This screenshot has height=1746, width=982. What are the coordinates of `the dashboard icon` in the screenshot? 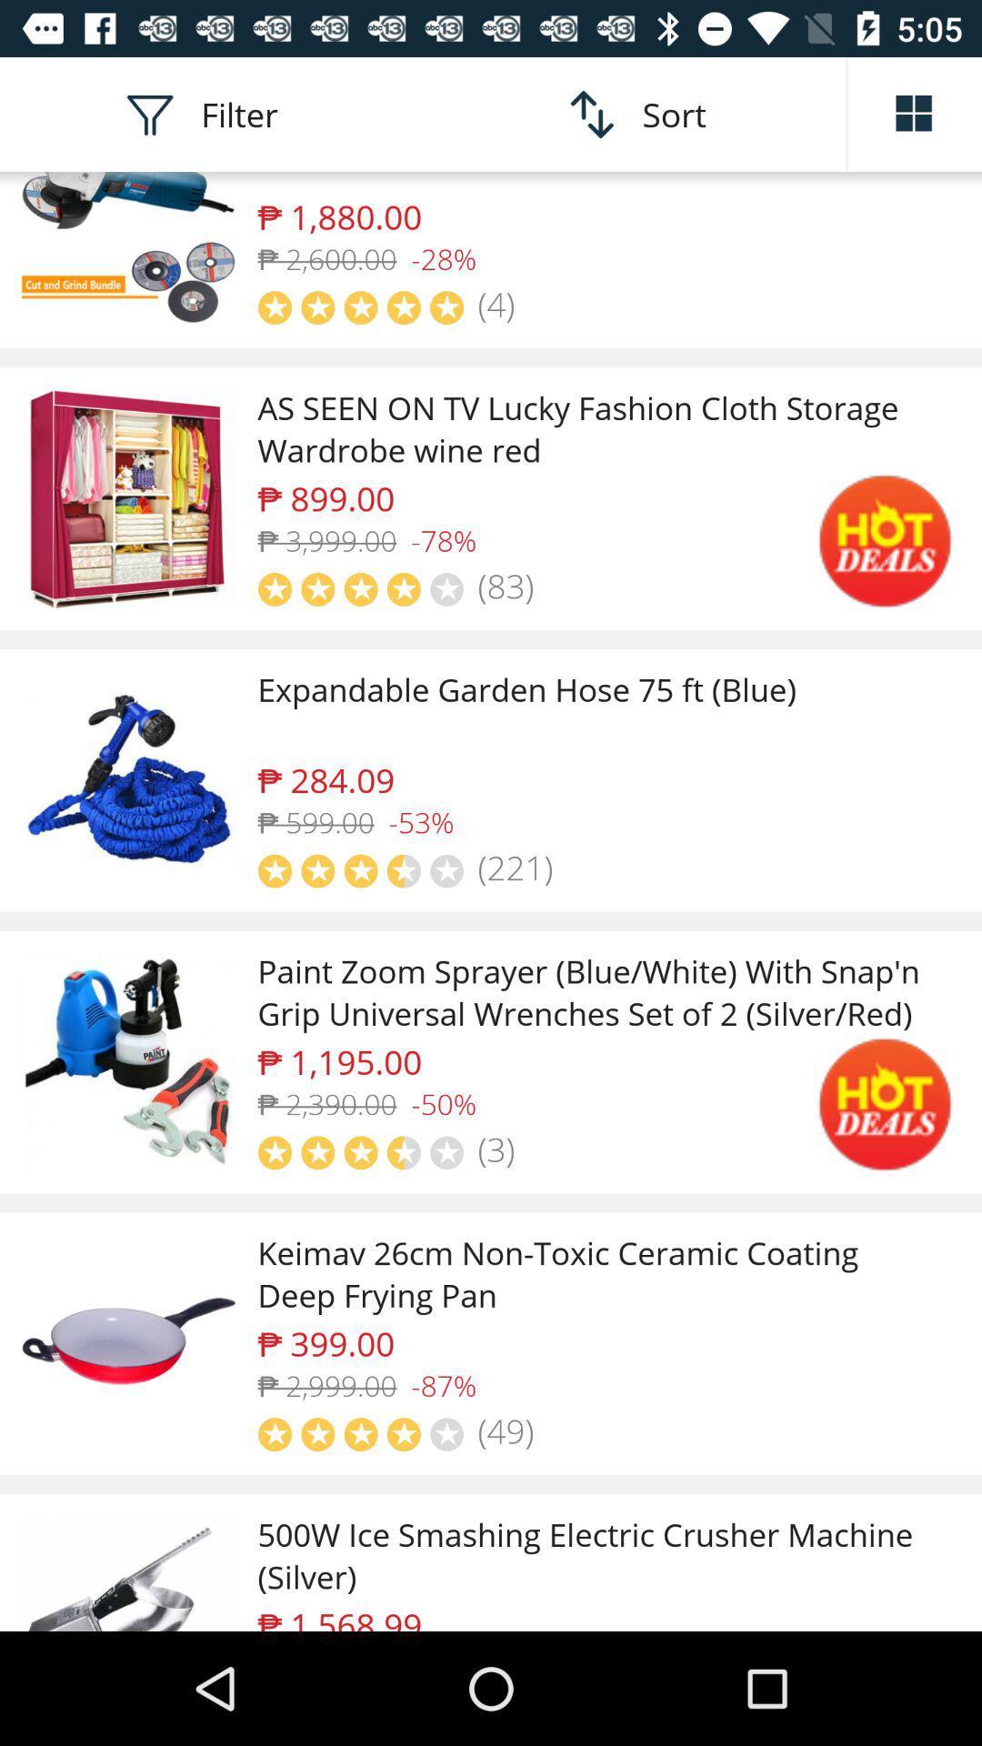 It's located at (915, 113).